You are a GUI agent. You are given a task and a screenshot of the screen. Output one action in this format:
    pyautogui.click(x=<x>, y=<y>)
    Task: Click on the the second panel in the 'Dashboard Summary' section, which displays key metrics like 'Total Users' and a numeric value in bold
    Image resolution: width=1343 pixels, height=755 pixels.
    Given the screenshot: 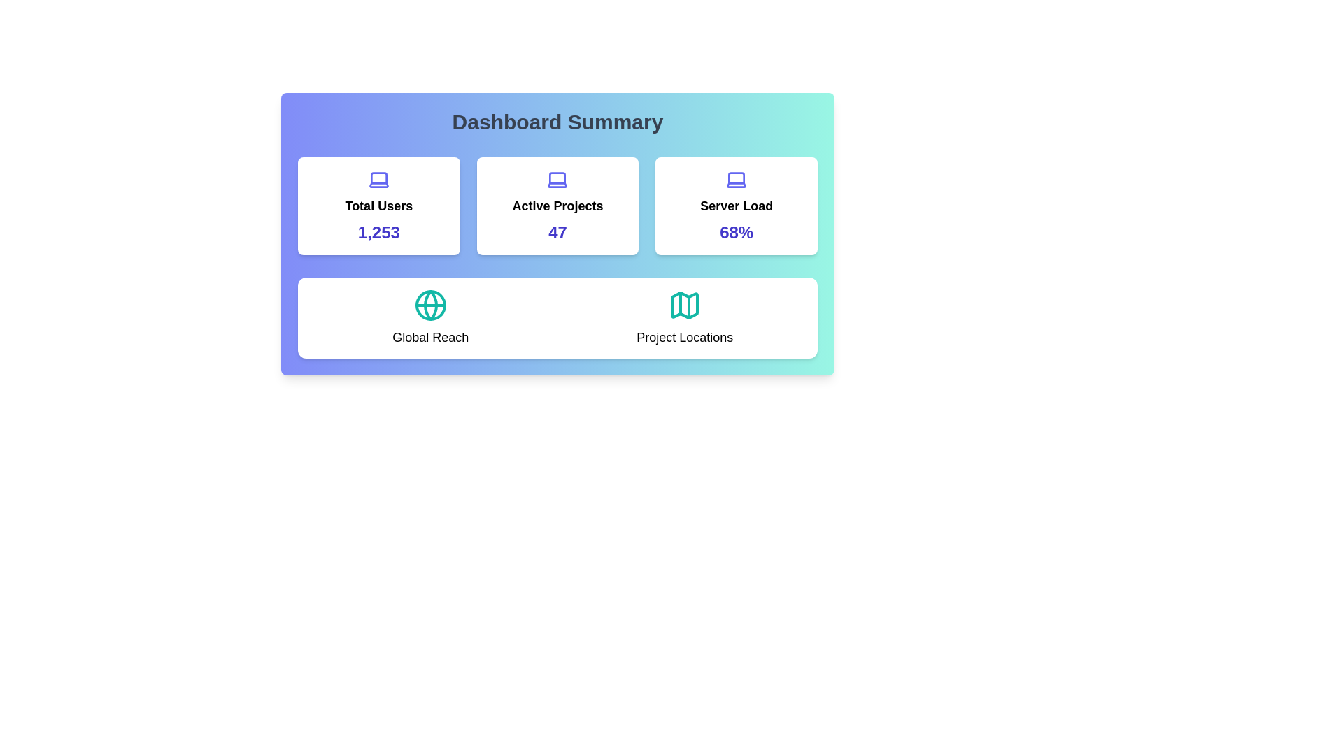 What is the action you would take?
    pyautogui.click(x=557, y=206)
    